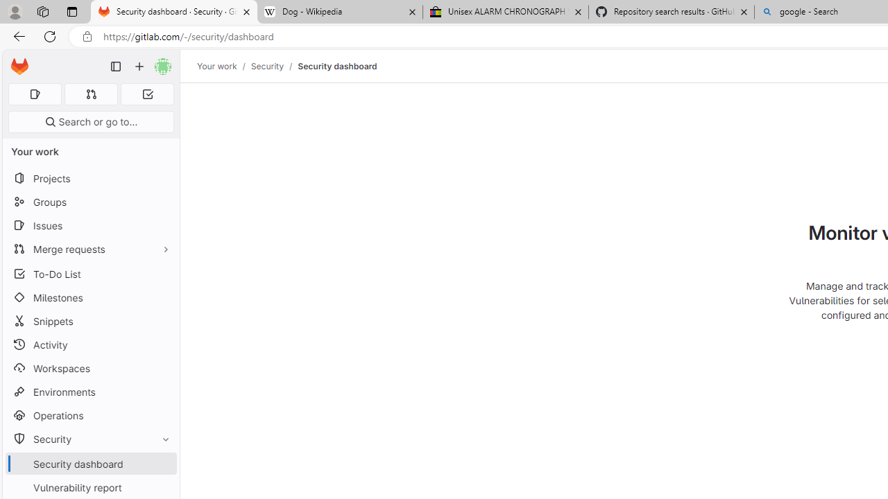  What do you see at coordinates (90, 274) in the screenshot?
I see `'To-Do List'` at bounding box center [90, 274].